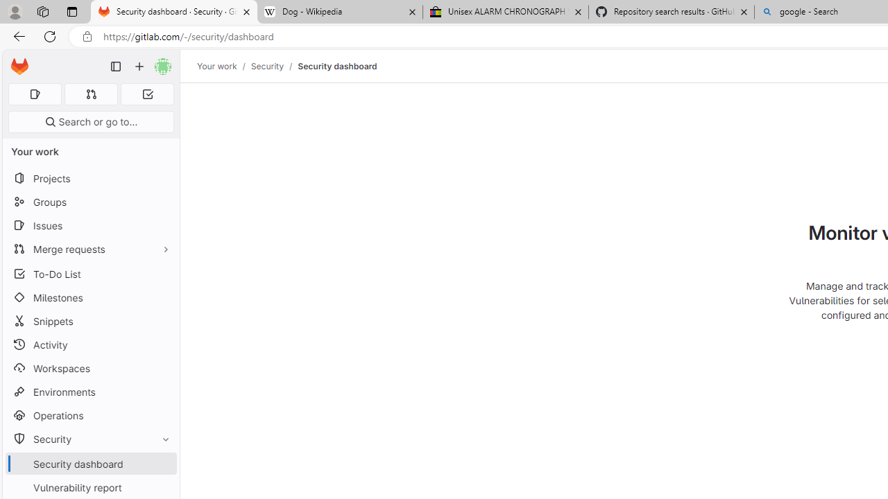  What do you see at coordinates (90, 274) in the screenshot?
I see `'To-Do List'` at bounding box center [90, 274].